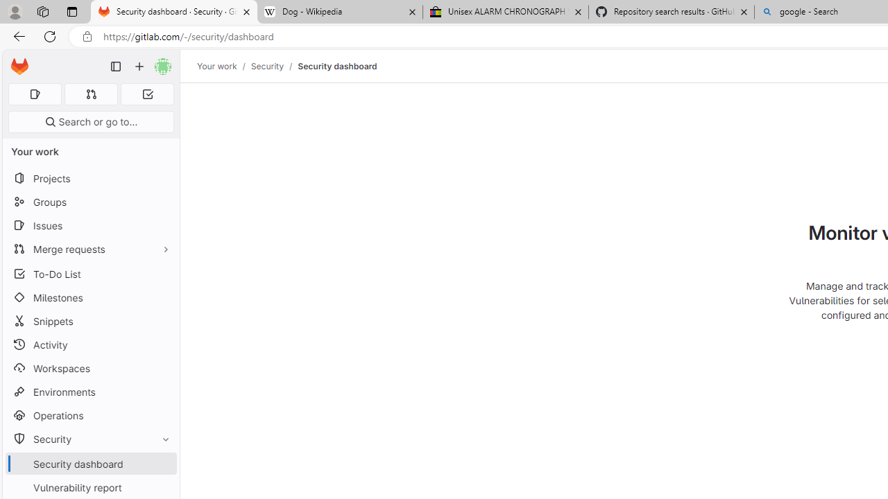  What do you see at coordinates (90, 274) in the screenshot?
I see `'To-Do List'` at bounding box center [90, 274].